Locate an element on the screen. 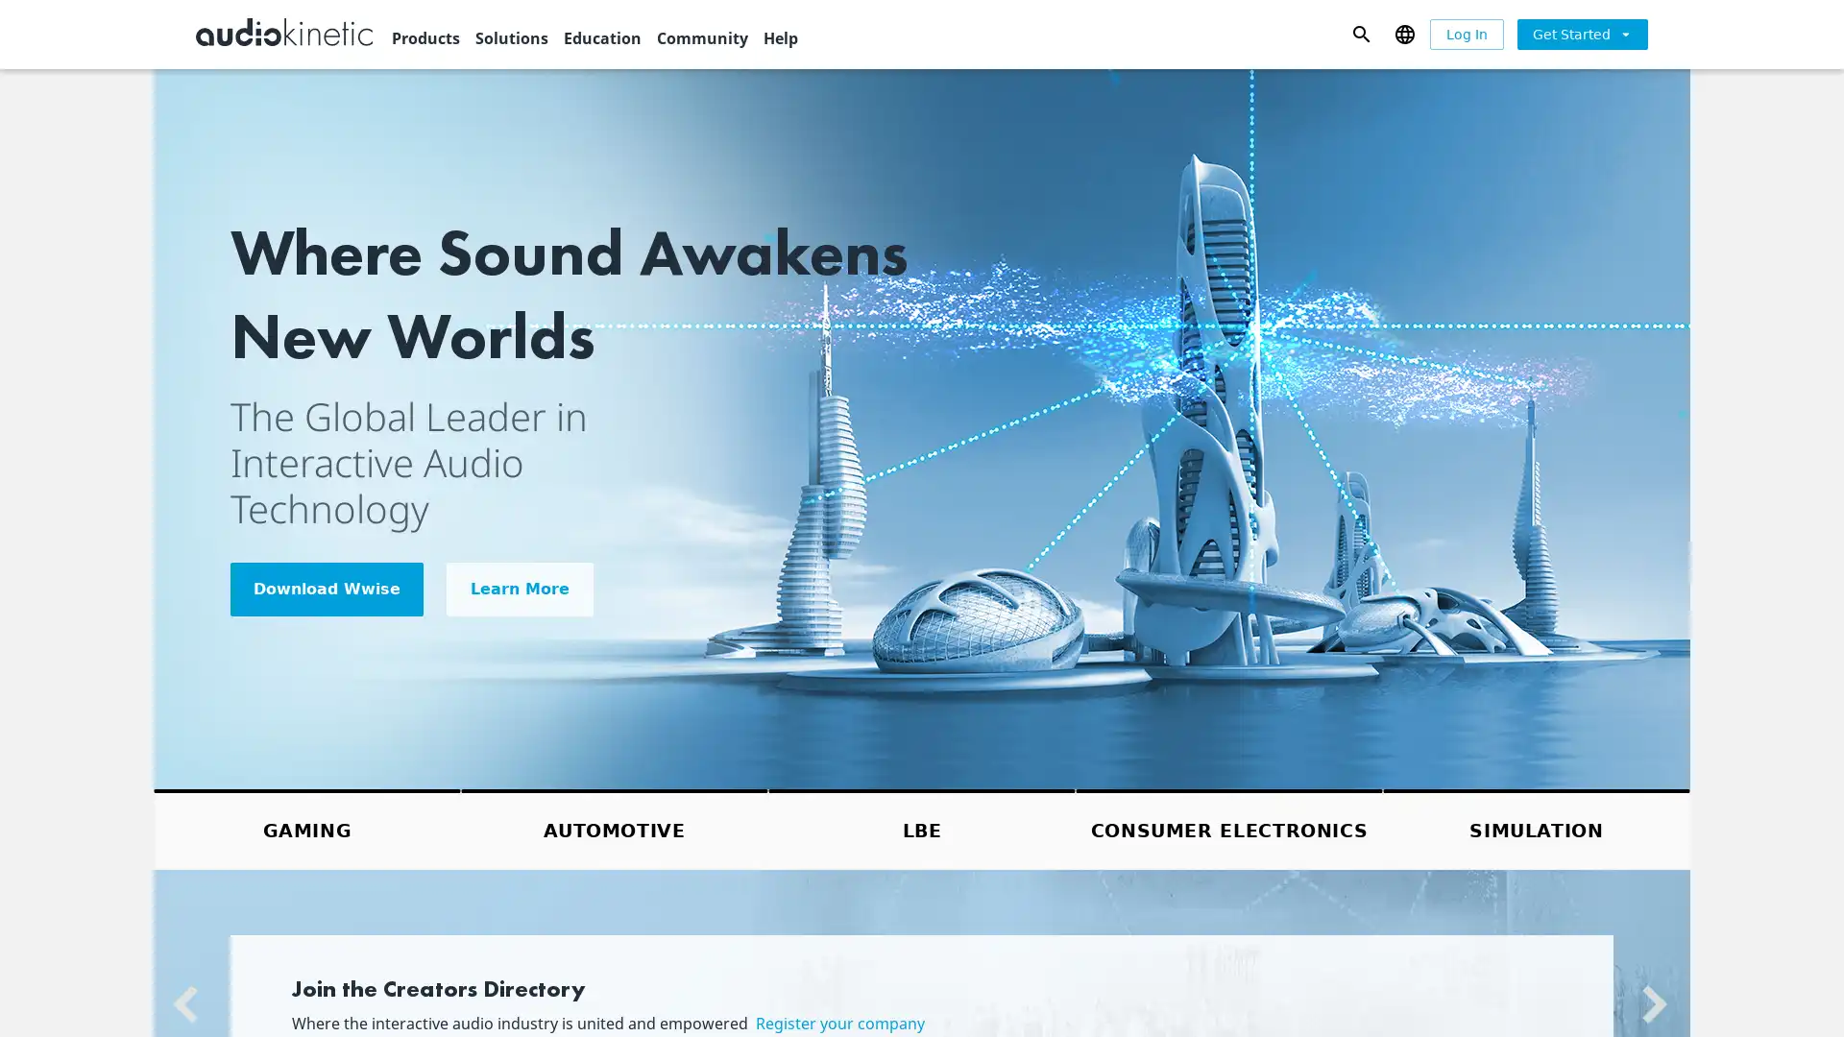 Image resolution: width=1844 pixels, height=1037 pixels. AUTOMOTIVE is located at coordinates (613, 828).